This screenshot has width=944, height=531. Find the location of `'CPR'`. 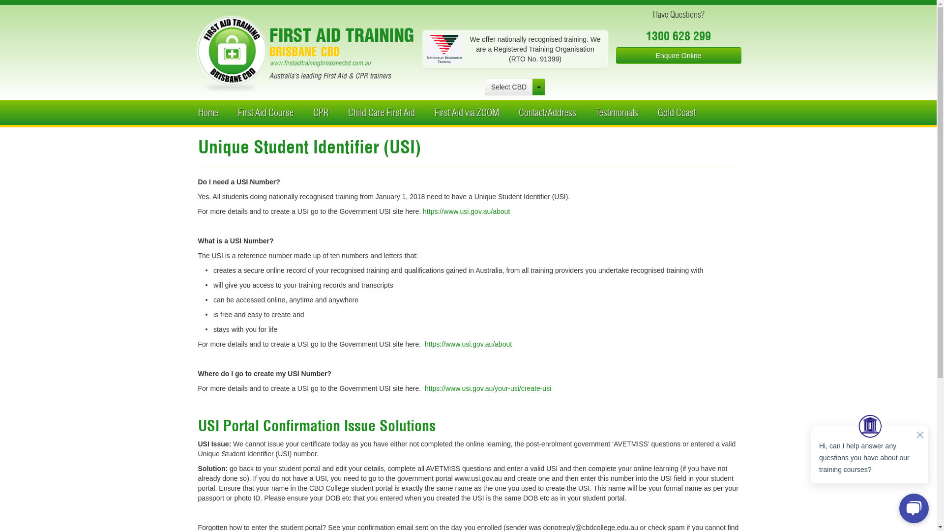

'CPR' is located at coordinates (320, 112).